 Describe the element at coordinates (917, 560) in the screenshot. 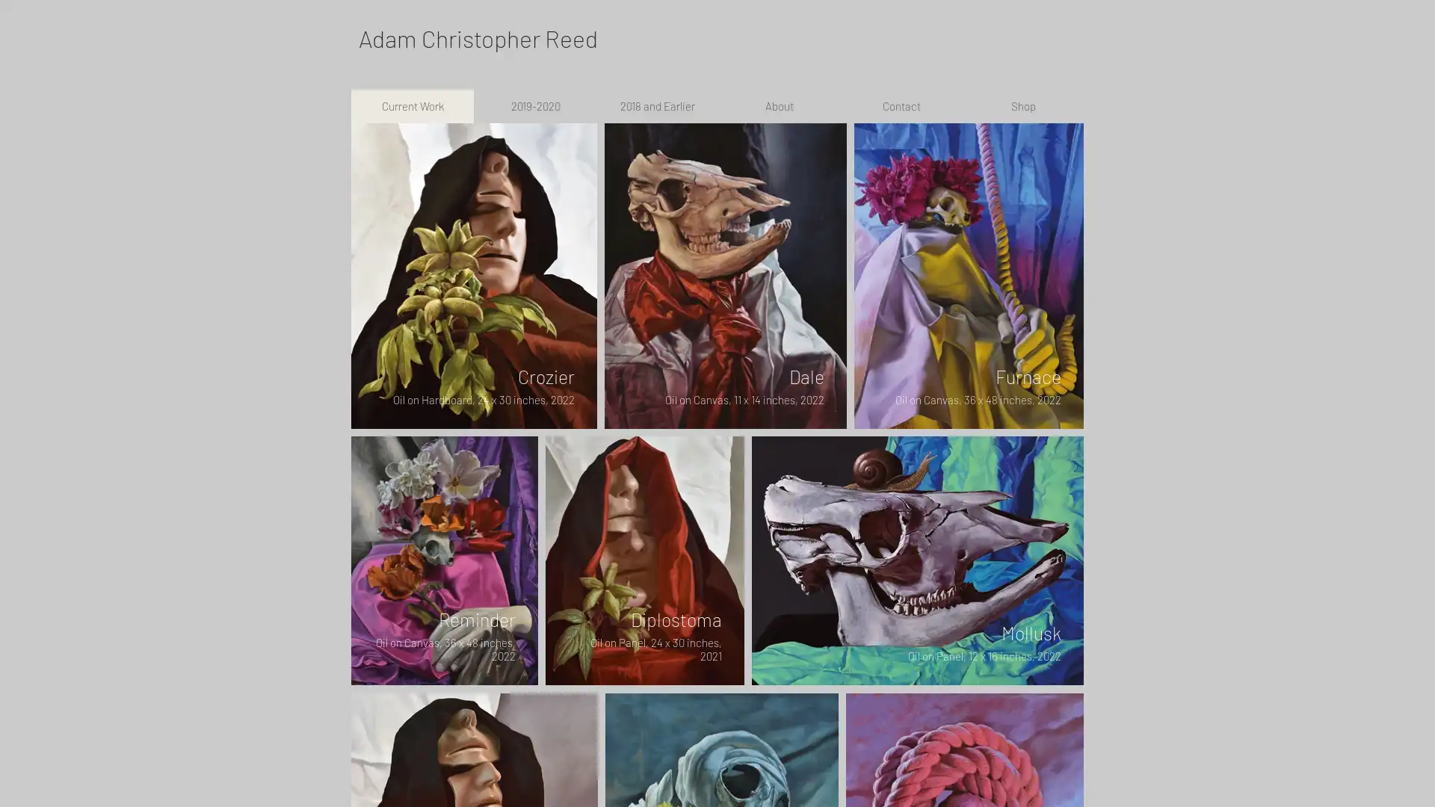

I see `202203001---Mollusk.jpg` at that location.